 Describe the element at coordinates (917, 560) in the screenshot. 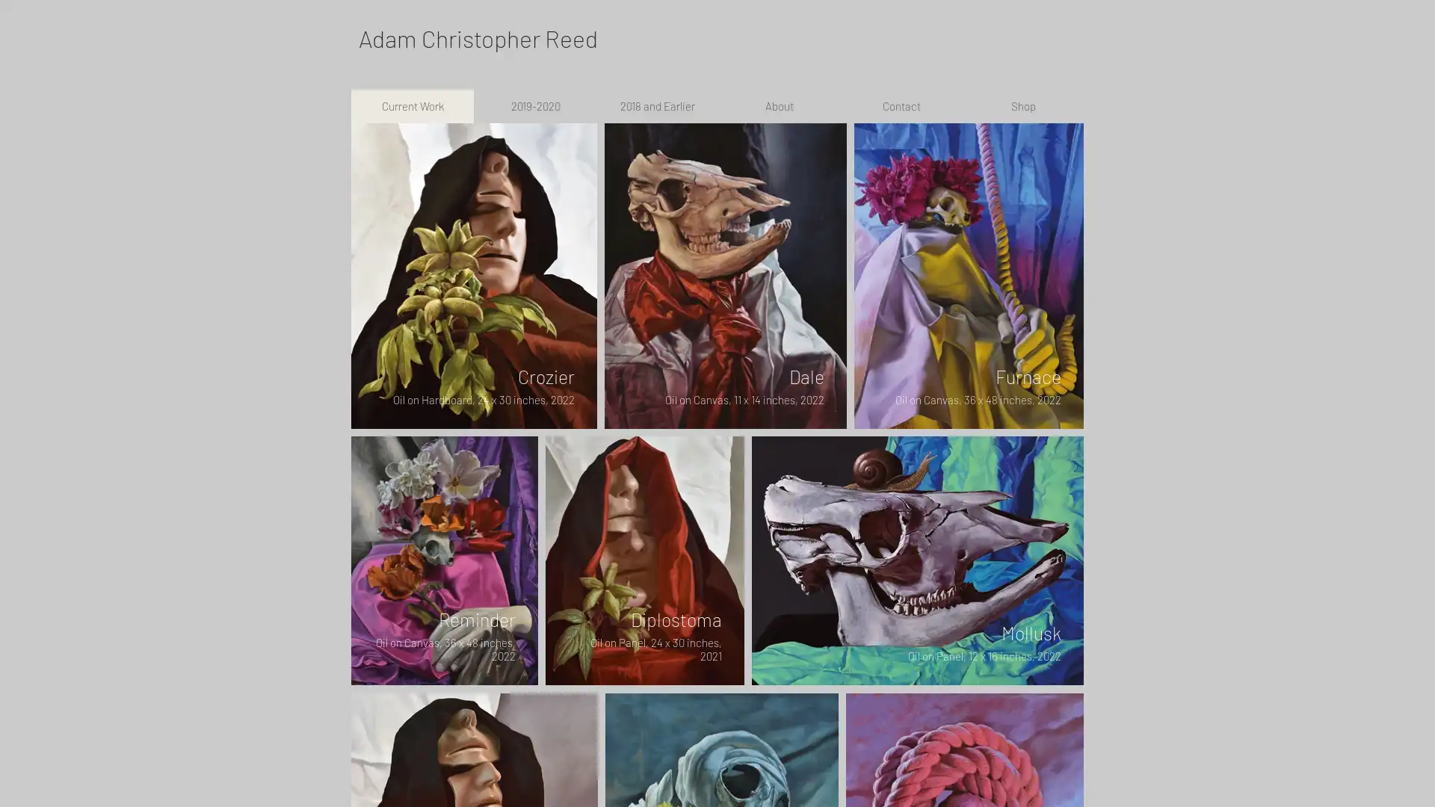

I see `202203001---Mollusk.jpg` at that location.